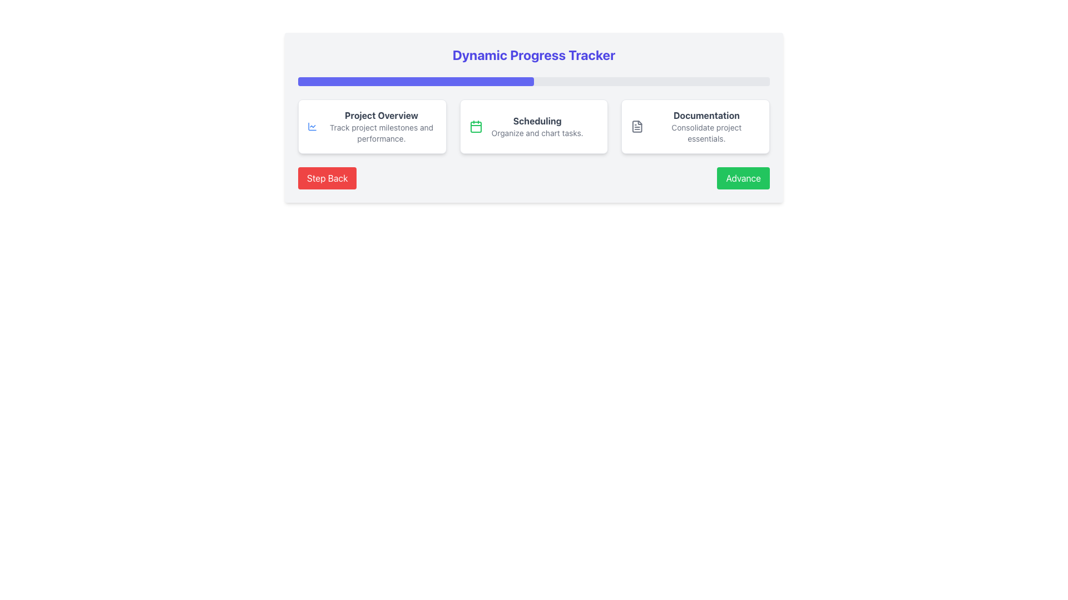 This screenshot has width=1068, height=600. I want to click on the text label that reads 'Consolidate project essentials.' within the 'Documentation' card, which is styled in gray and positioned below the bold title 'Documentation.', so click(706, 132).